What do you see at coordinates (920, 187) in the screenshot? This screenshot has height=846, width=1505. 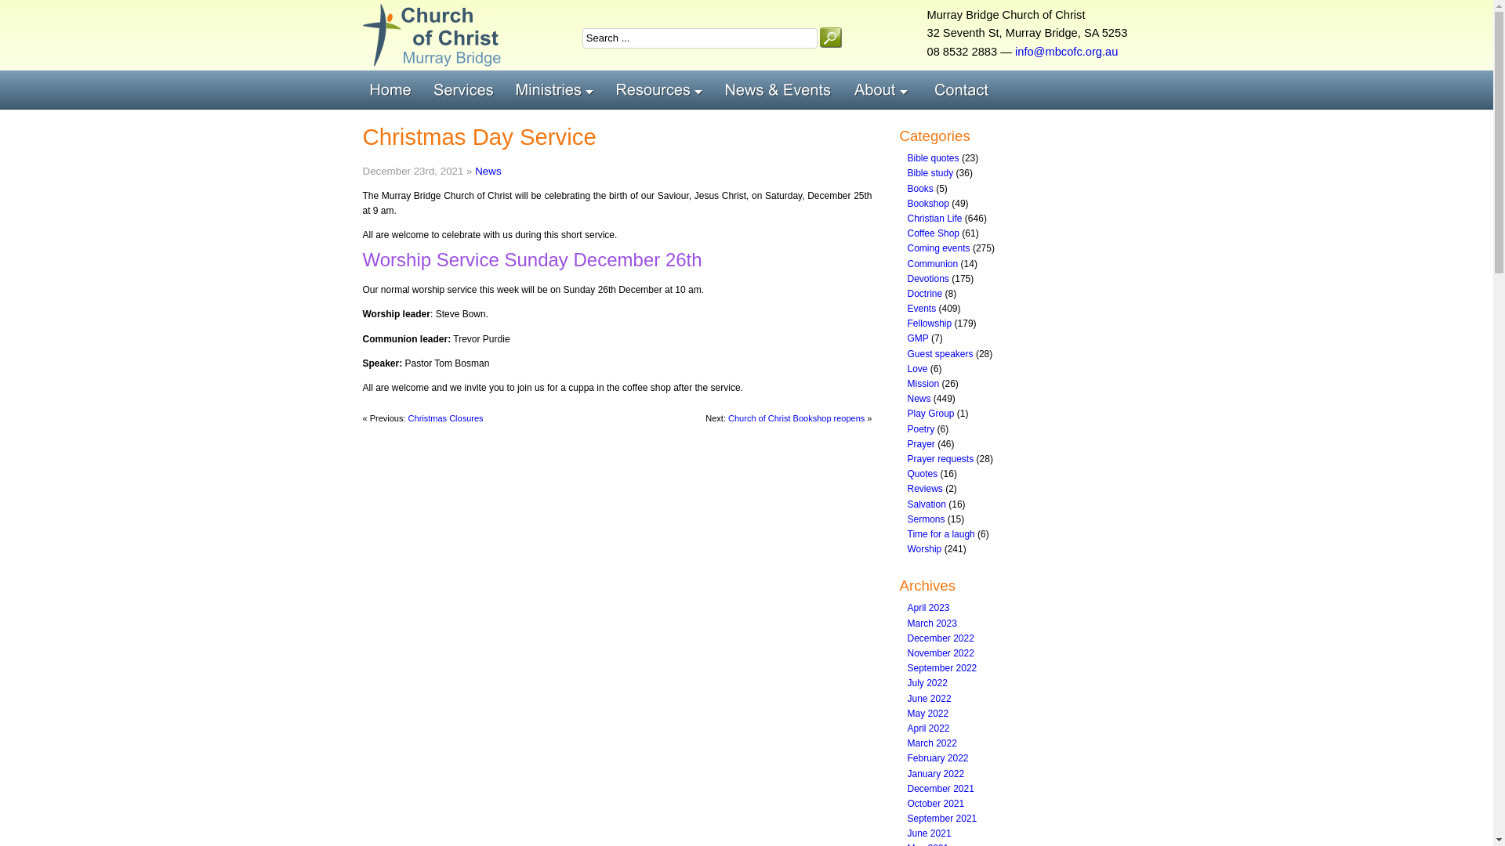 I see `'Books'` at bounding box center [920, 187].